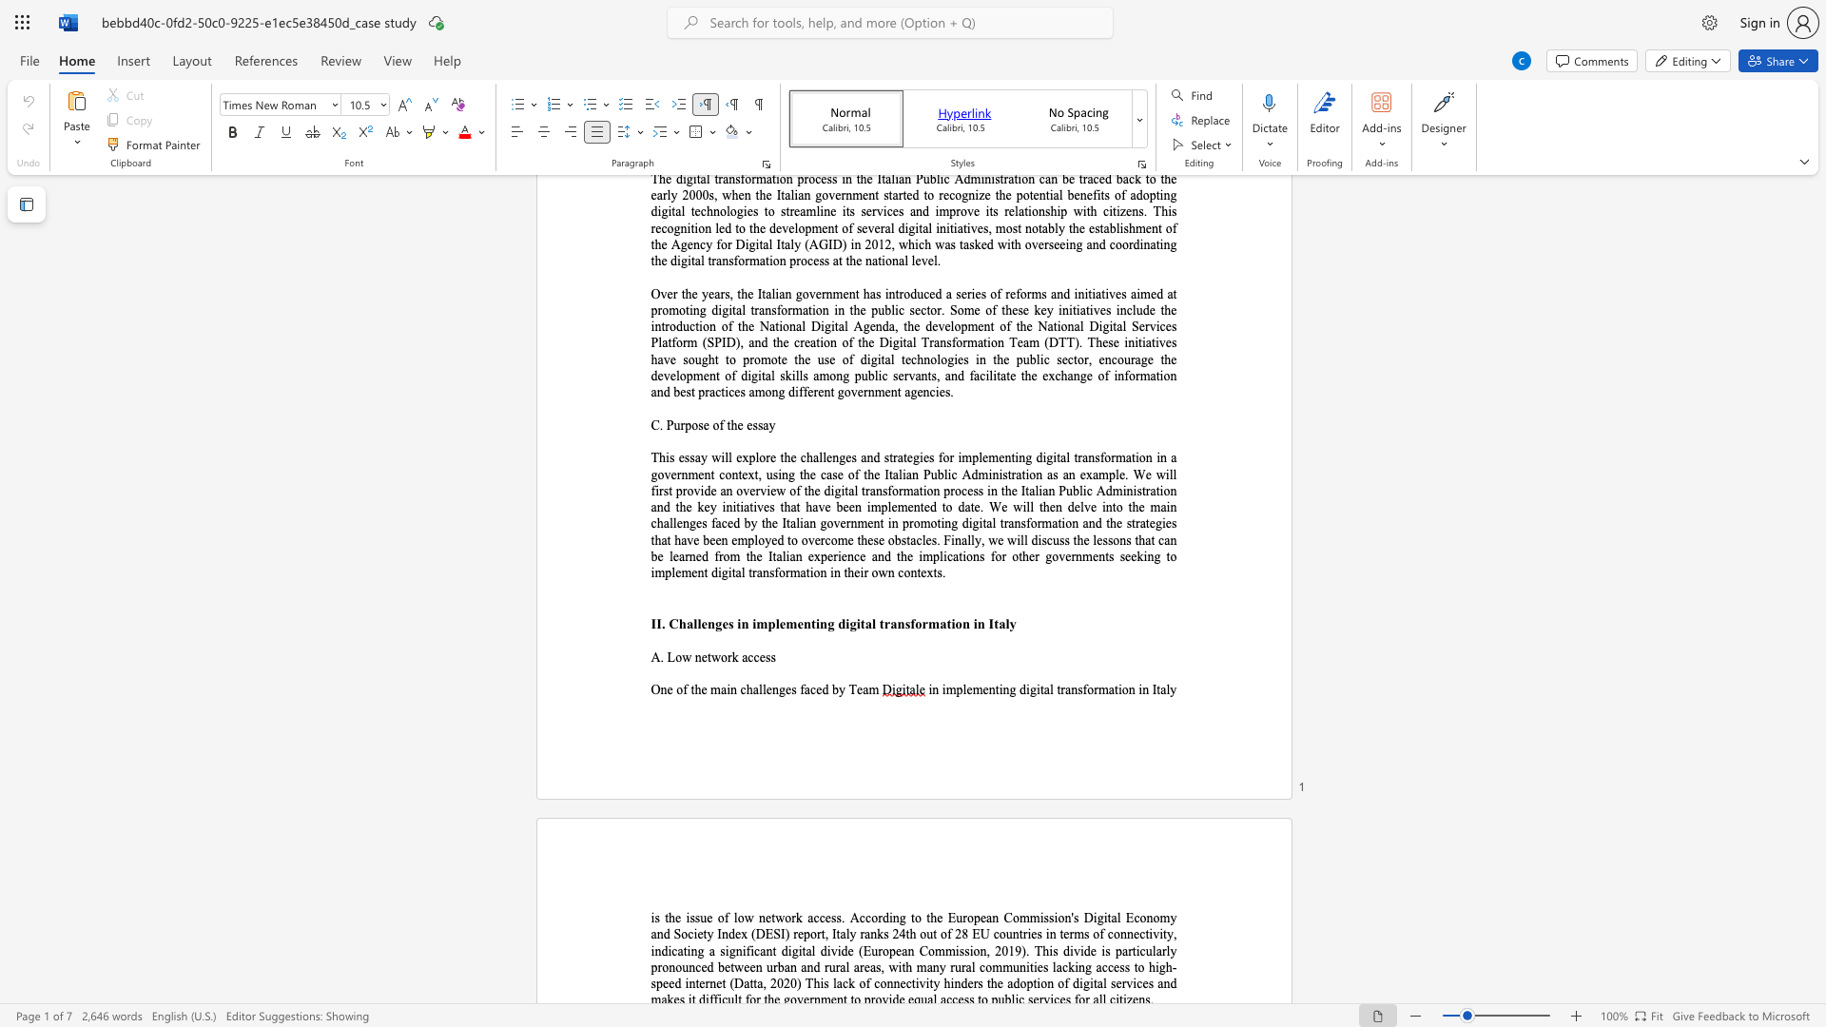 The height and width of the screenshot is (1027, 1826). What do you see at coordinates (828, 951) in the screenshot?
I see `the 6th character "i" in the text` at bounding box center [828, 951].